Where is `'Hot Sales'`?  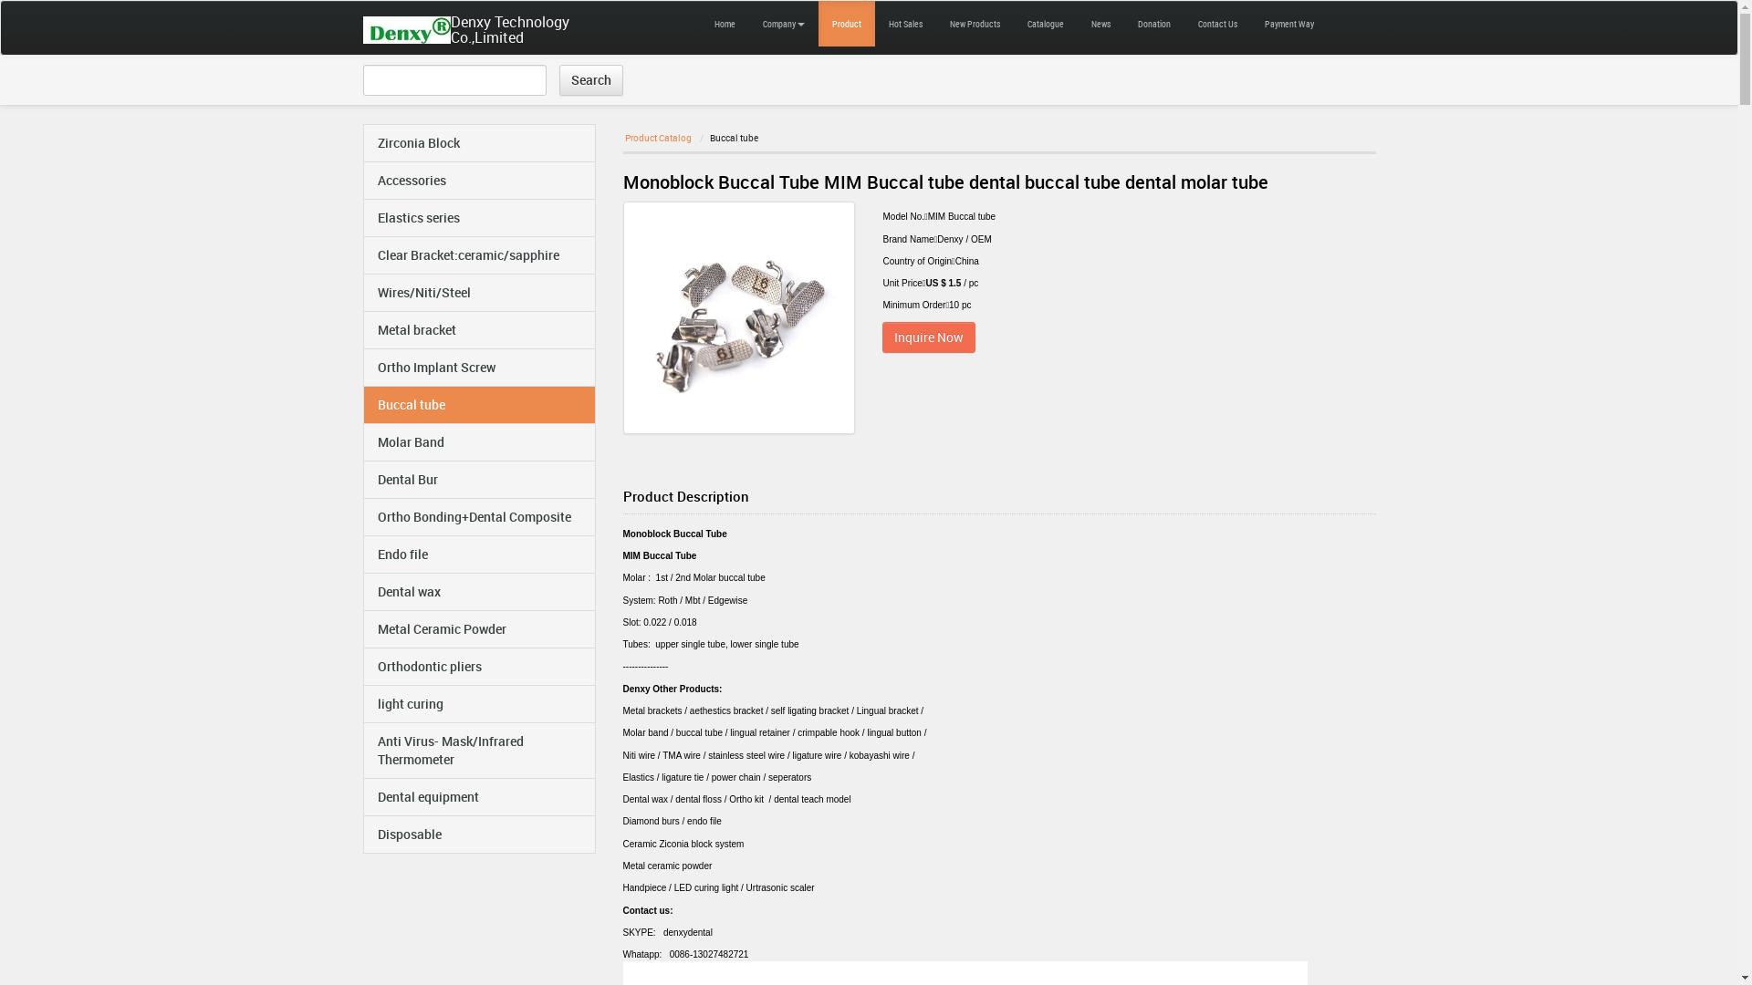
'Hot Sales' is located at coordinates (904, 24).